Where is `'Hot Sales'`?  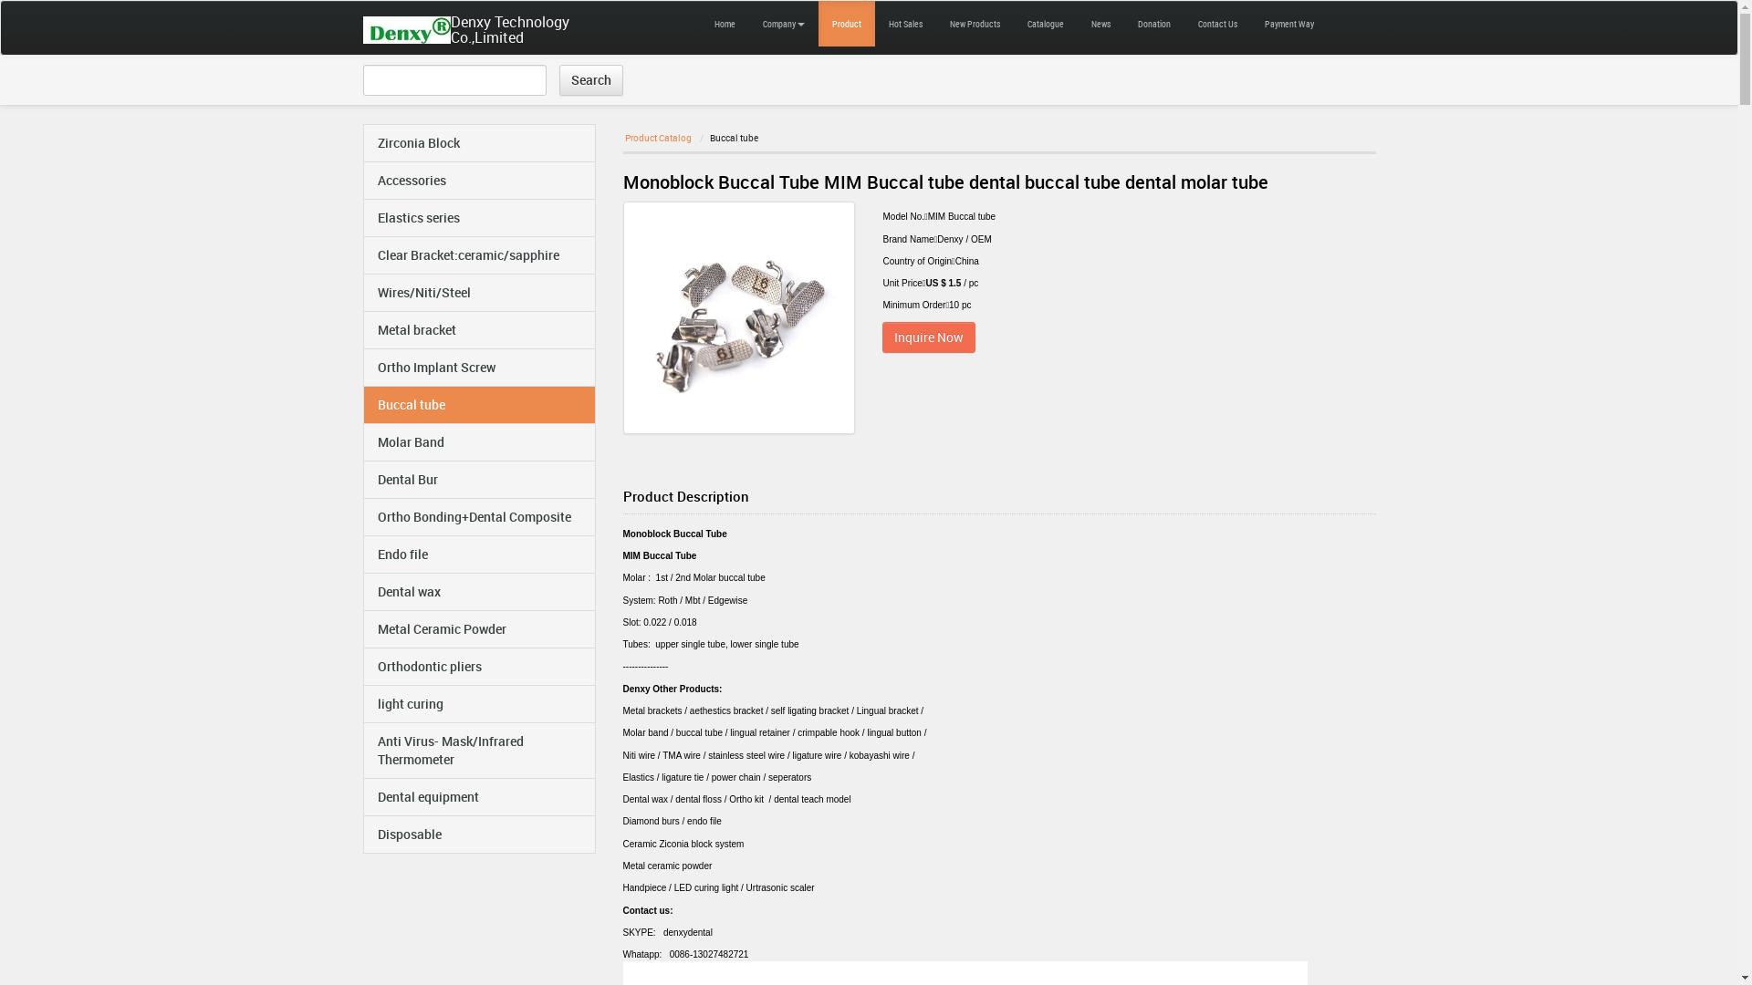
'Hot Sales' is located at coordinates (904, 24).